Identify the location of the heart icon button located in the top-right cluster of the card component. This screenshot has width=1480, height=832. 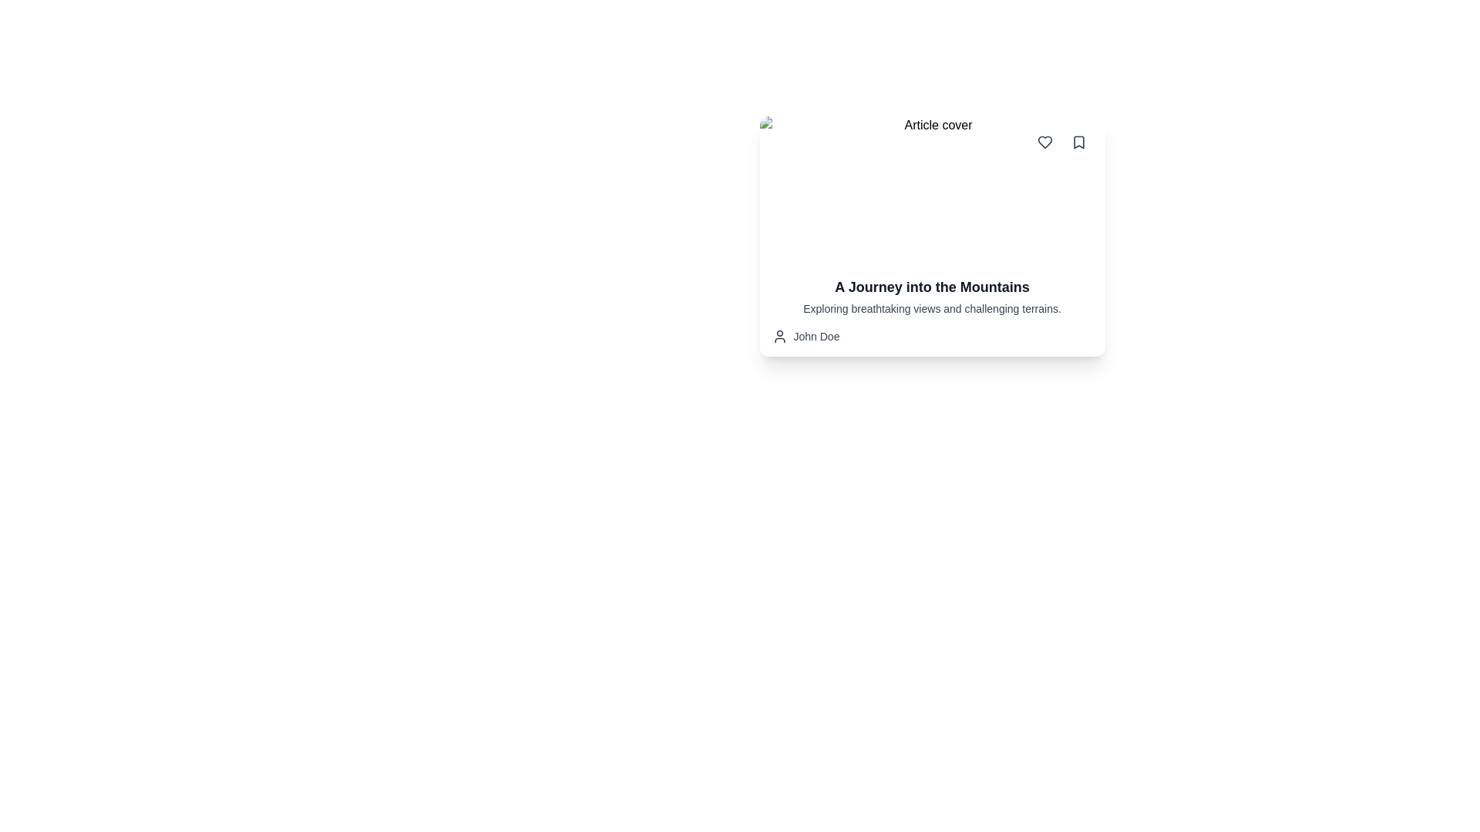
(1044, 143).